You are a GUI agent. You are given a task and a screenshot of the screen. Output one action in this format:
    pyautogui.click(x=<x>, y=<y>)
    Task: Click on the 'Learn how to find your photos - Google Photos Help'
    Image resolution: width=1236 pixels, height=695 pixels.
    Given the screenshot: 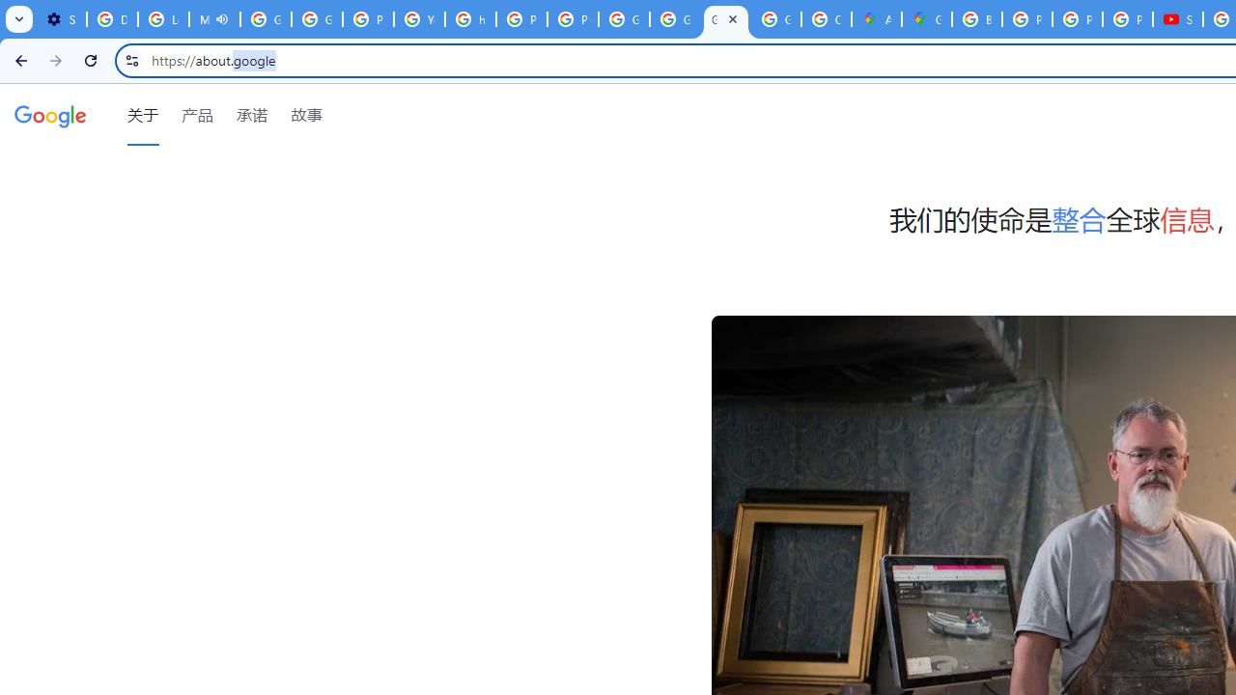 What is the action you would take?
    pyautogui.click(x=163, y=19)
    